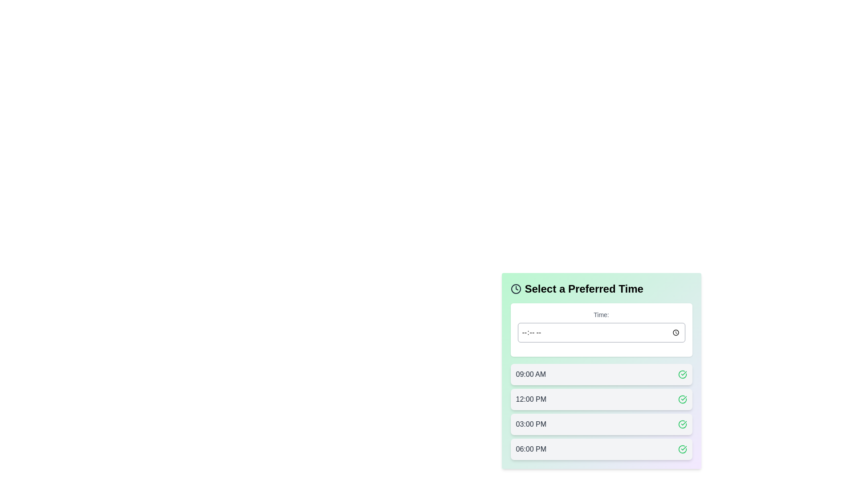 This screenshot has height=481, width=855. Describe the element at coordinates (682, 374) in the screenshot. I see `the Status indicator icon, checkmark that confirms the selection of the time option '09:00 AM', located to the far right of the list item` at that location.